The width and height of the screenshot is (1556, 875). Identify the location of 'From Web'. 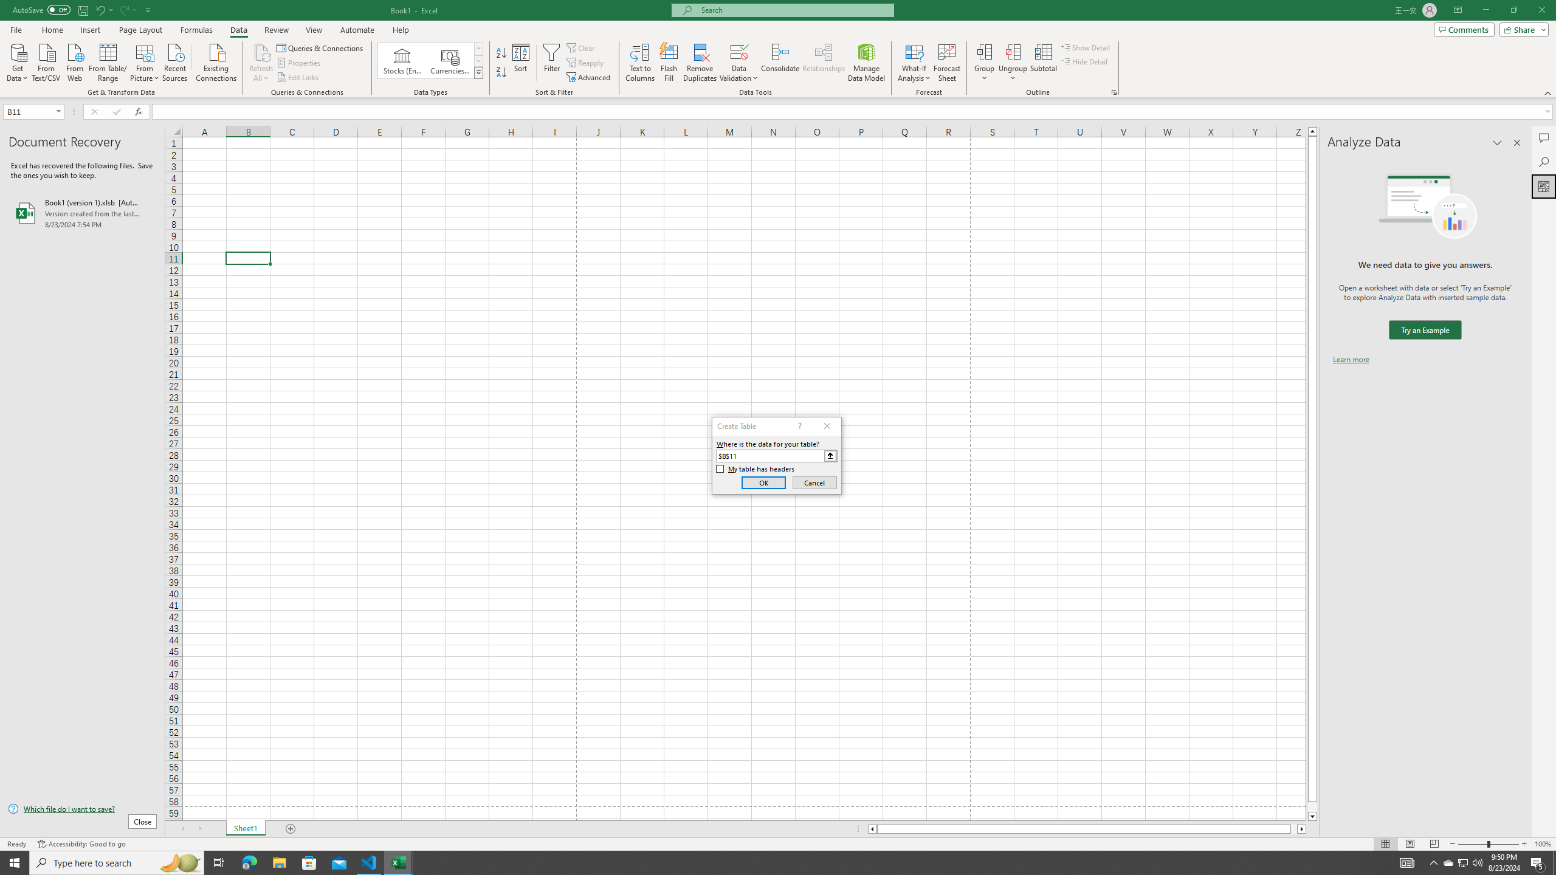
(74, 61).